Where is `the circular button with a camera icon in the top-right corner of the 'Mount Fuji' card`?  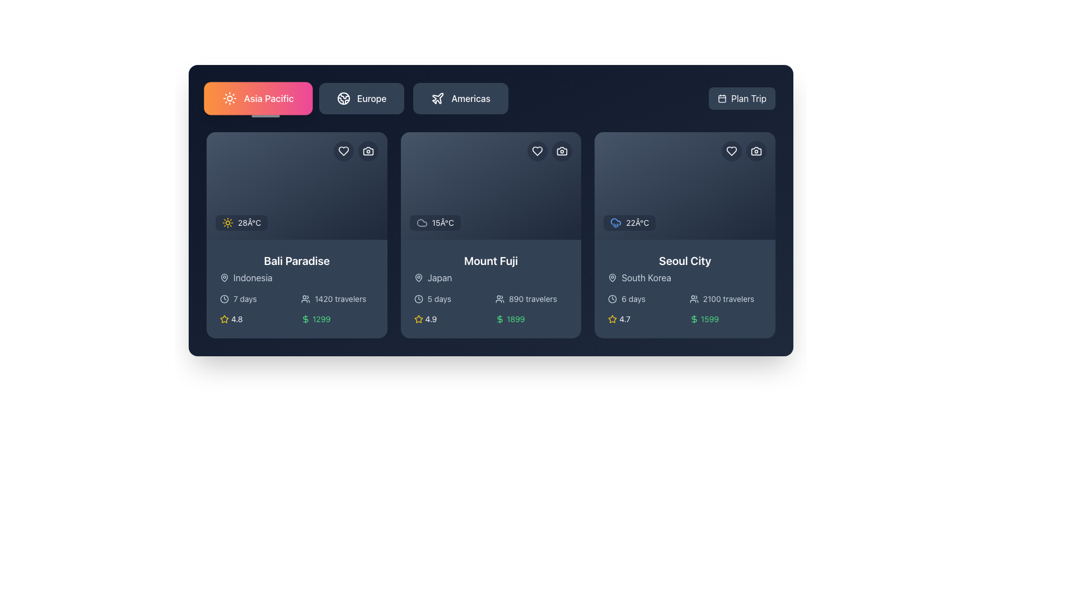 the circular button with a camera icon in the top-right corner of the 'Mount Fuji' card is located at coordinates (562, 151).